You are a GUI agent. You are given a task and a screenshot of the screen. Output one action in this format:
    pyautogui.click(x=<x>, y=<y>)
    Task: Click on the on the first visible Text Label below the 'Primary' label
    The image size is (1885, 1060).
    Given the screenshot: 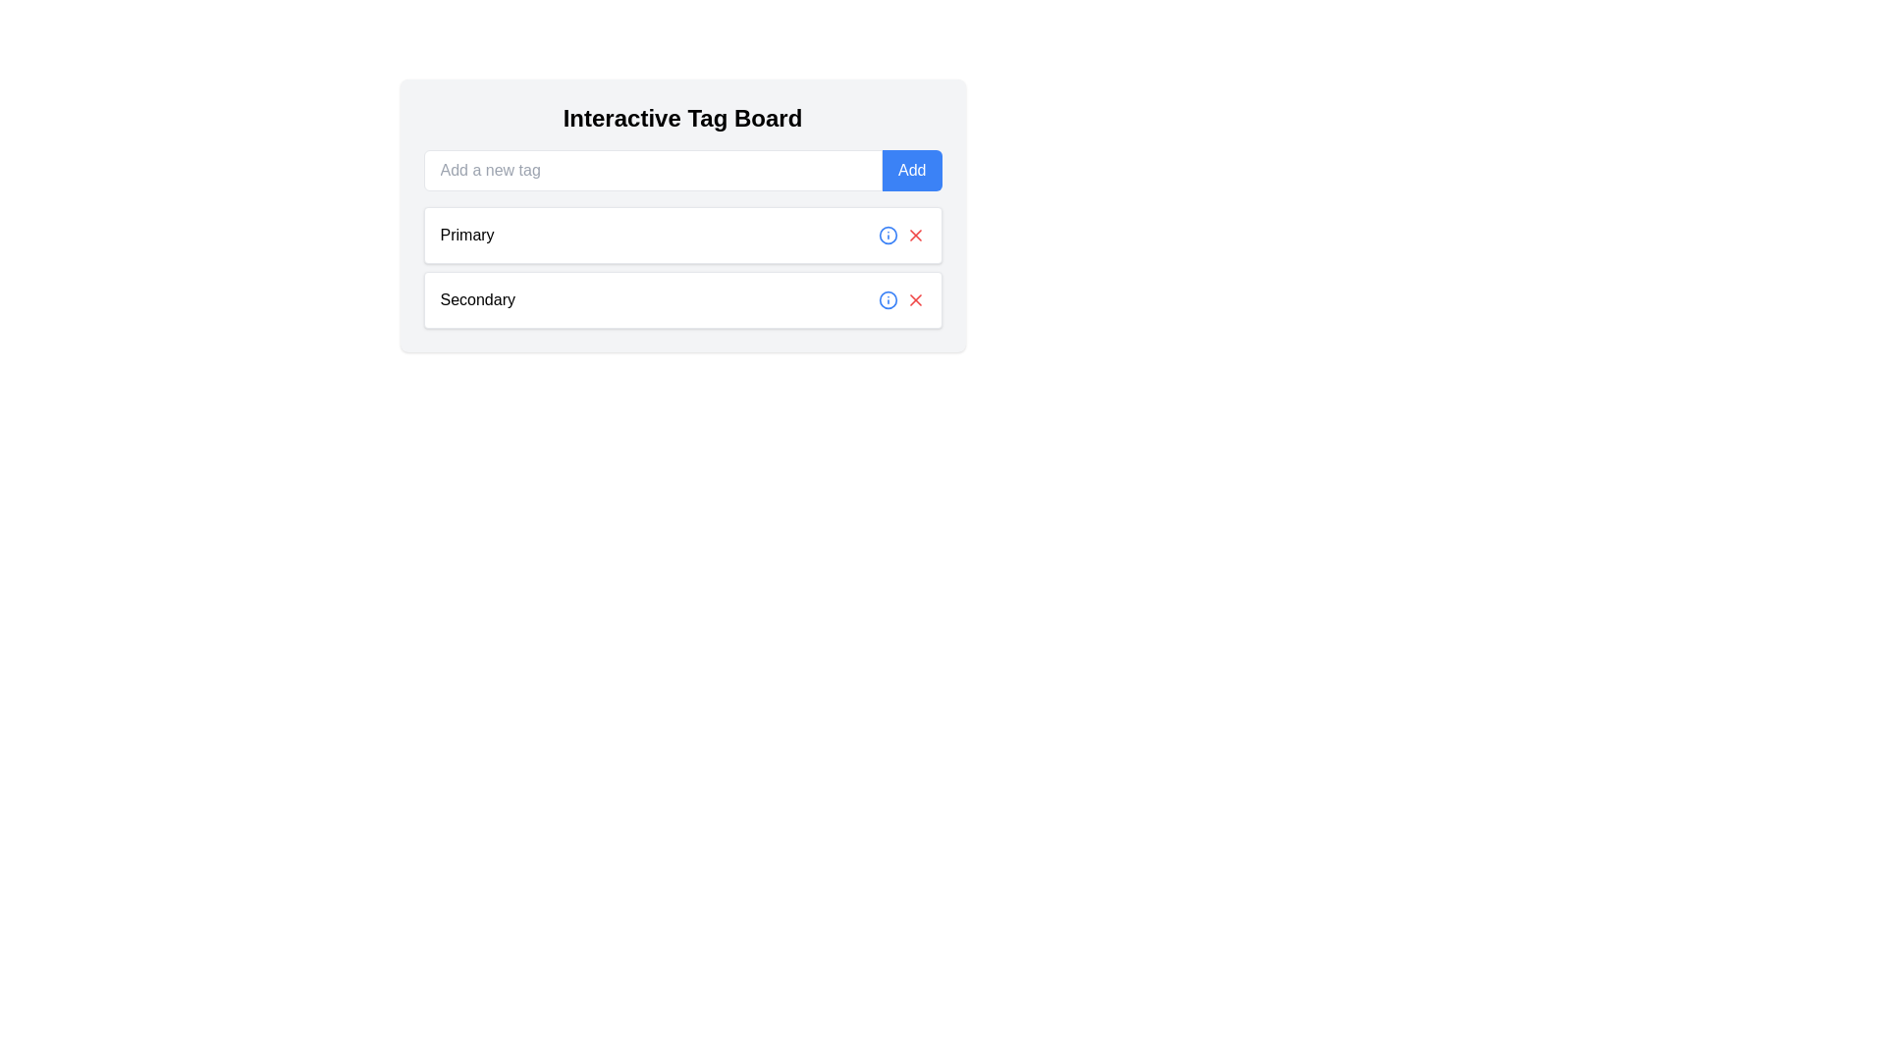 What is the action you would take?
    pyautogui.click(x=477, y=299)
    